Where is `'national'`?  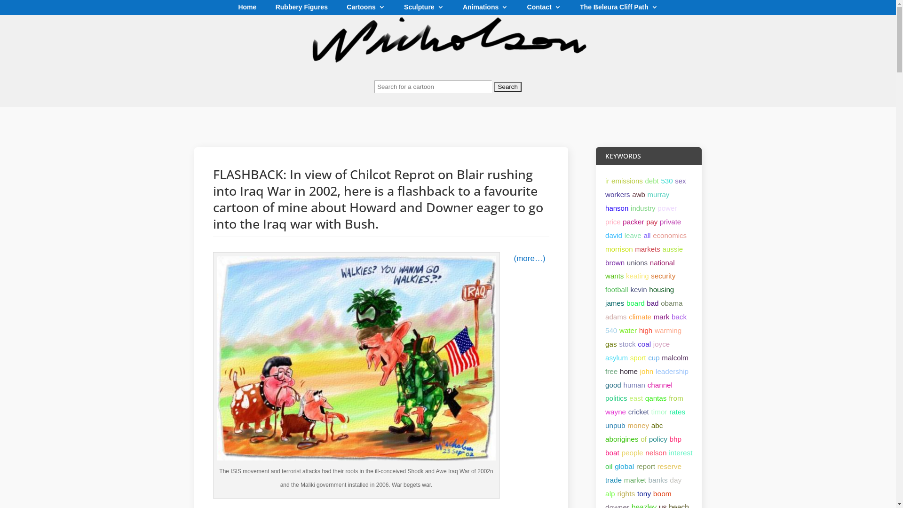
'national' is located at coordinates (662, 262).